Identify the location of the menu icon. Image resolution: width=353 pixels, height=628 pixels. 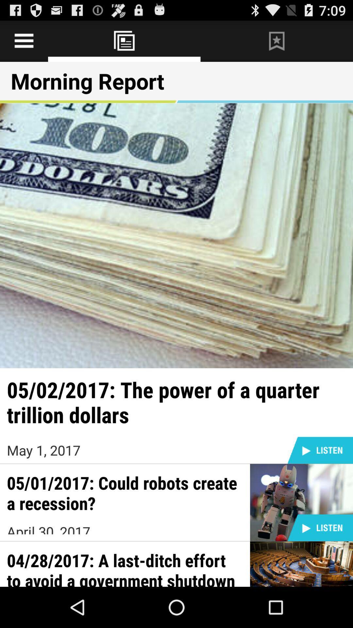
(24, 44).